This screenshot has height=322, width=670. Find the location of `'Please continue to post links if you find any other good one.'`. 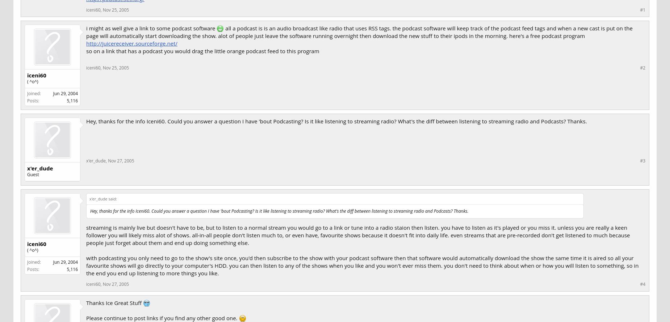

'Please continue to post links if you find any other good one.' is located at coordinates (162, 317).